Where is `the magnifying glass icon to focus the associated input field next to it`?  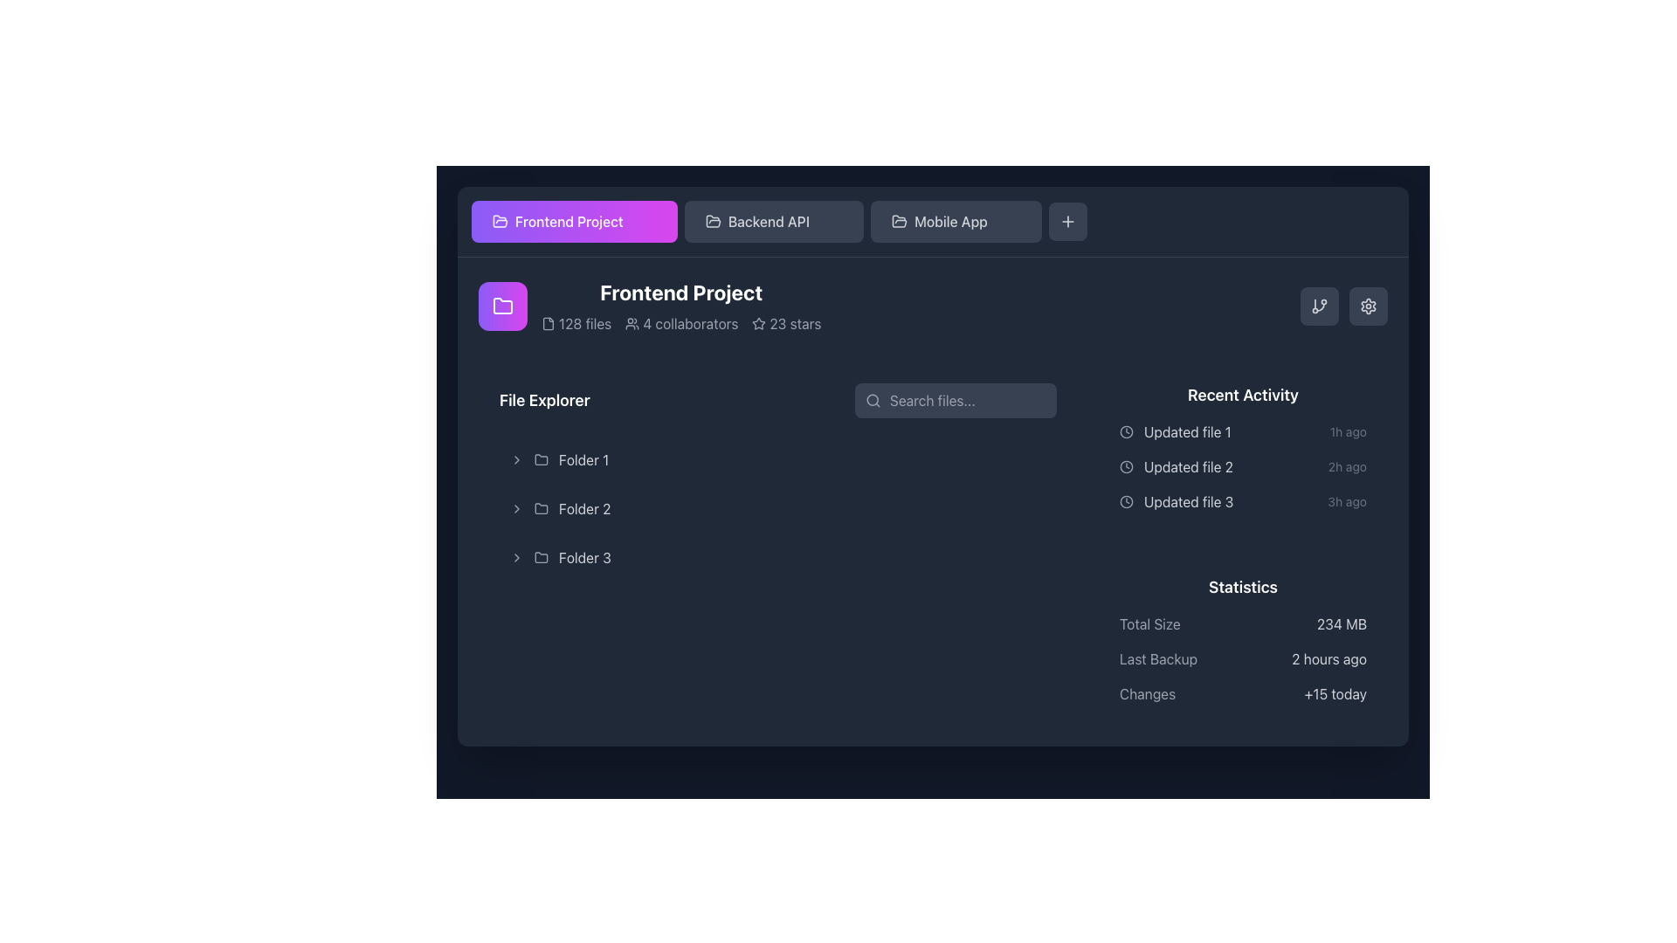
the magnifying glass icon to focus the associated input field next to it is located at coordinates (873, 401).